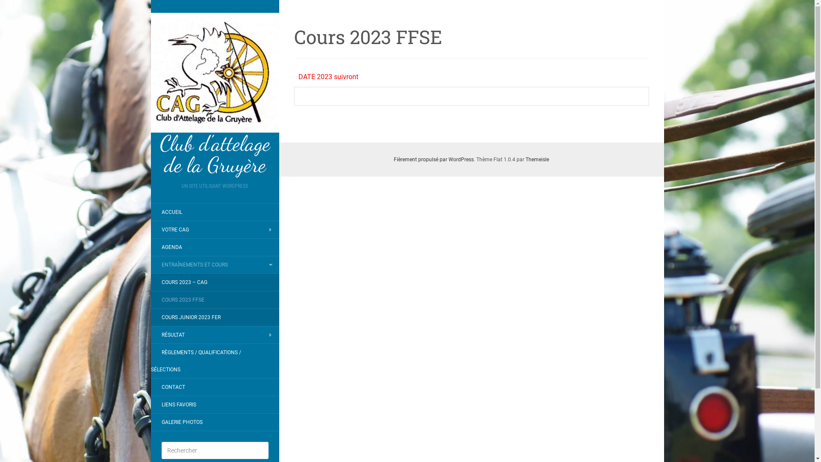  I want to click on 'Rechercher', so click(18, 6).